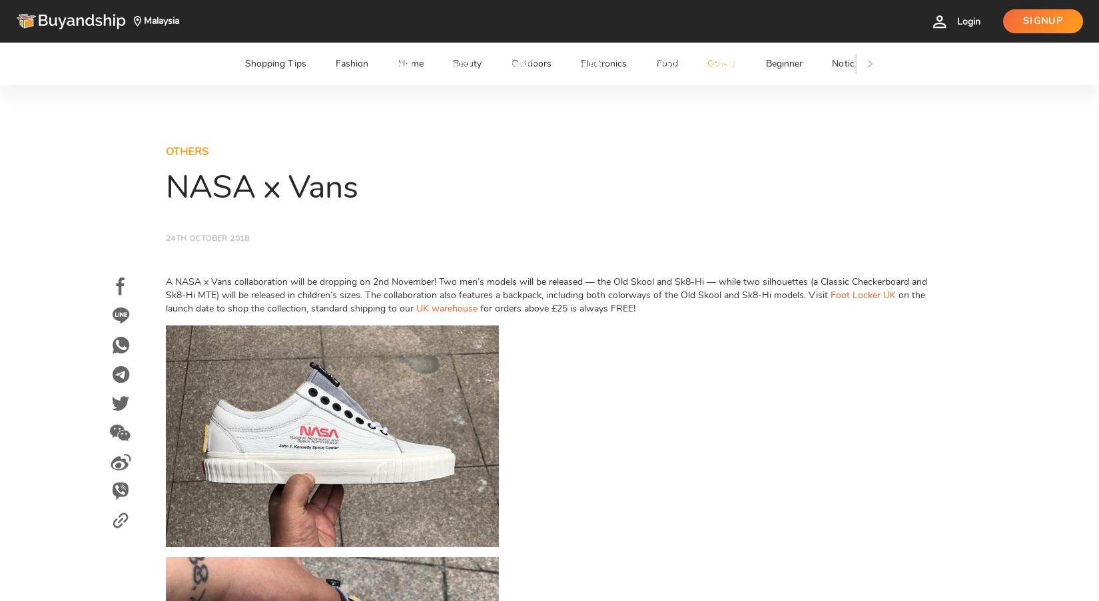  Describe the element at coordinates (1042, 20) in the screenshot. I see `'Signup'` at that location.